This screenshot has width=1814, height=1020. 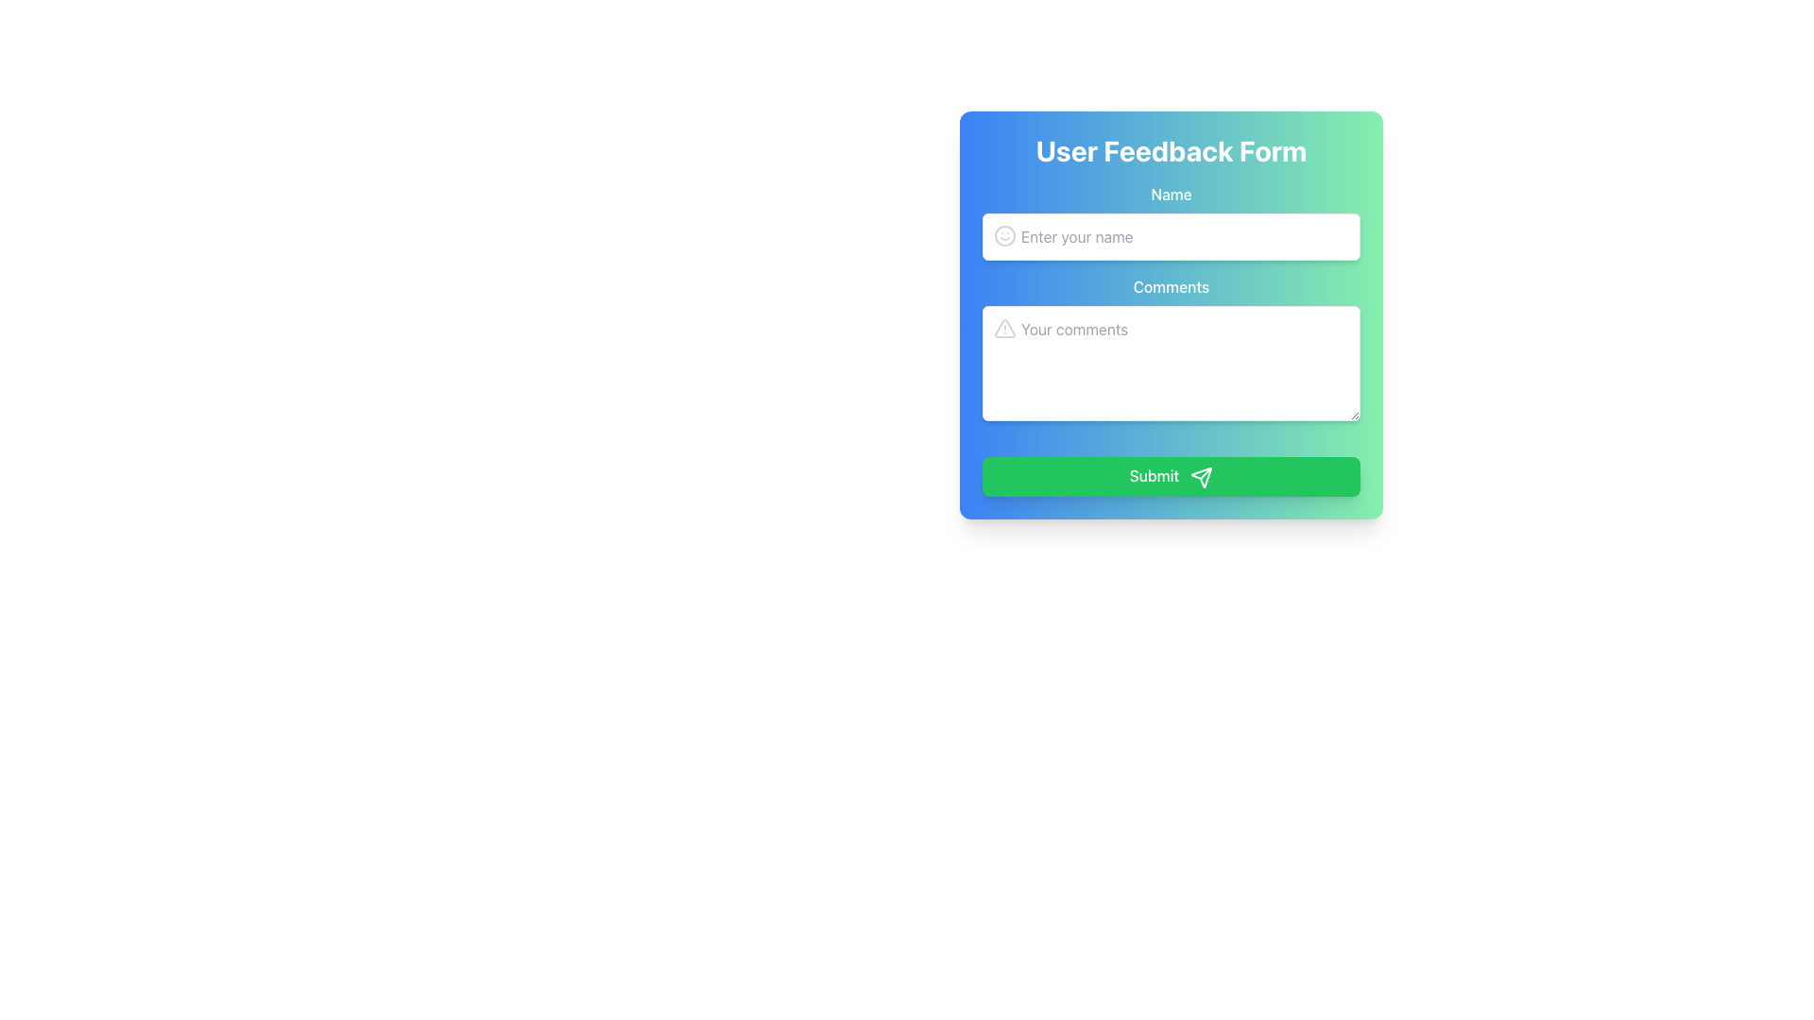 I want to click on the decorative icon located inside the left part of the 'Name' input field, which visually represents the input type, so click(x=1004, y=235).